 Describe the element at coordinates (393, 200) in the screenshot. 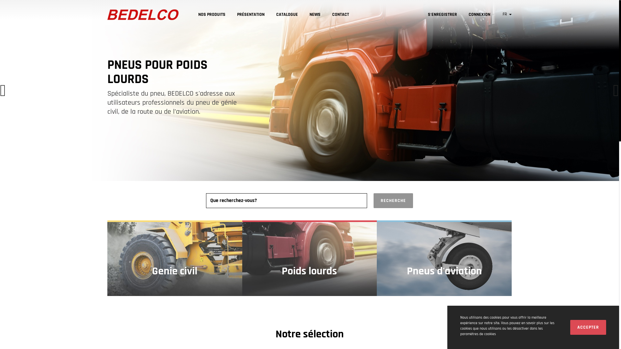

I see `'RECHERCHE'` at that location.